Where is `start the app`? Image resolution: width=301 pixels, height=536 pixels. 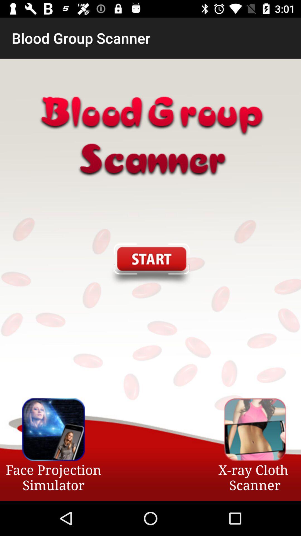
start the app is located at coordinates (150, 265).